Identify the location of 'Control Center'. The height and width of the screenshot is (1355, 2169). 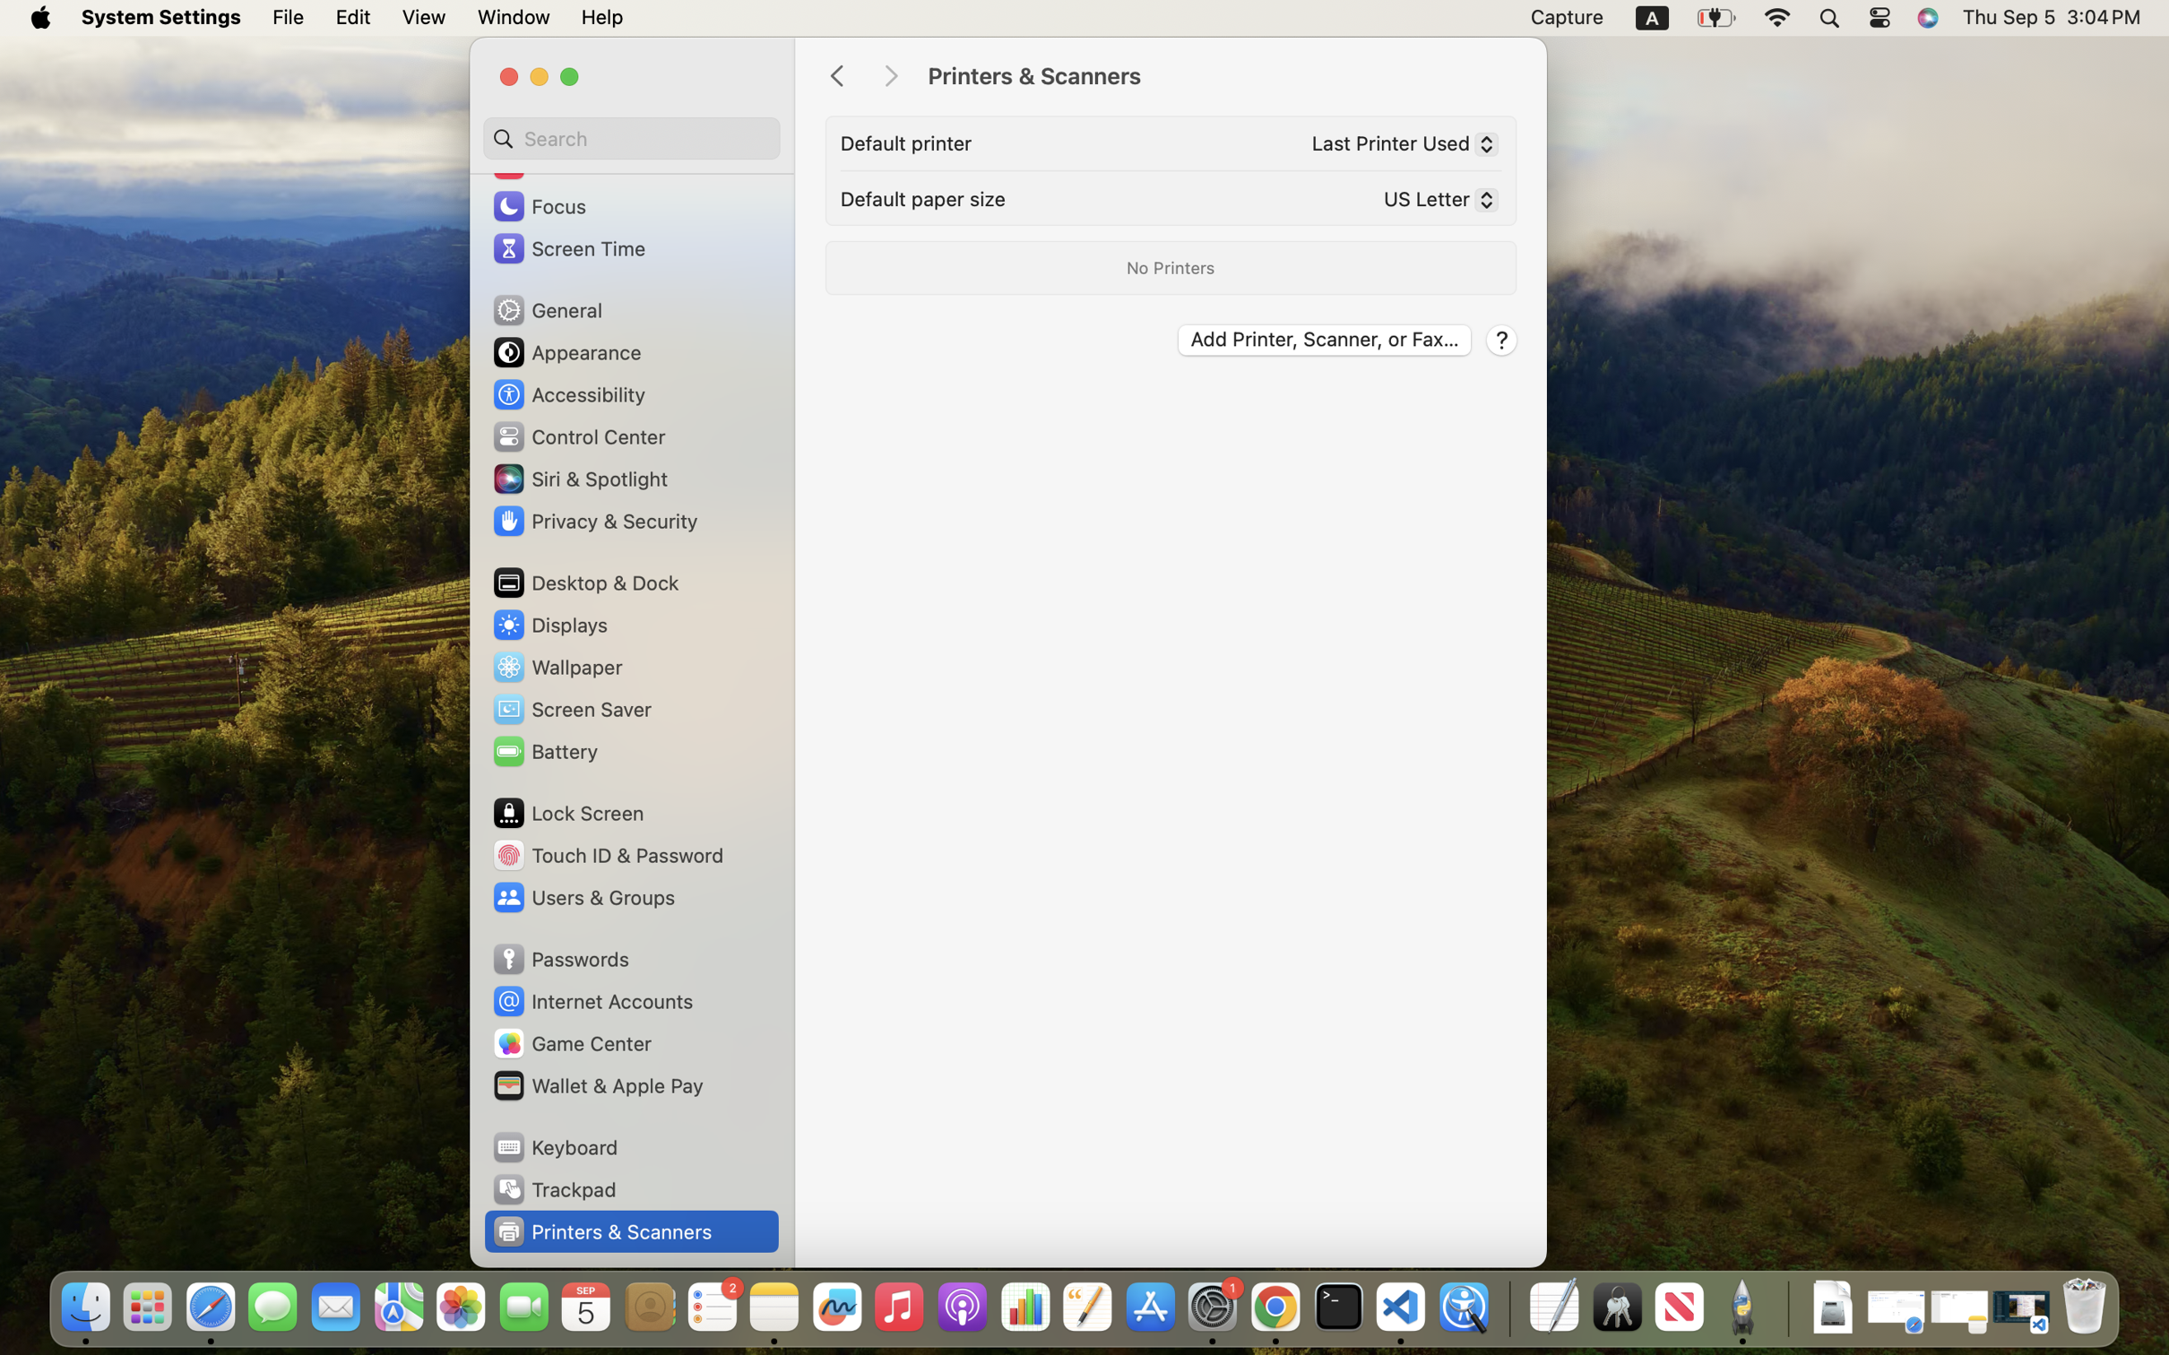
(577, 436).